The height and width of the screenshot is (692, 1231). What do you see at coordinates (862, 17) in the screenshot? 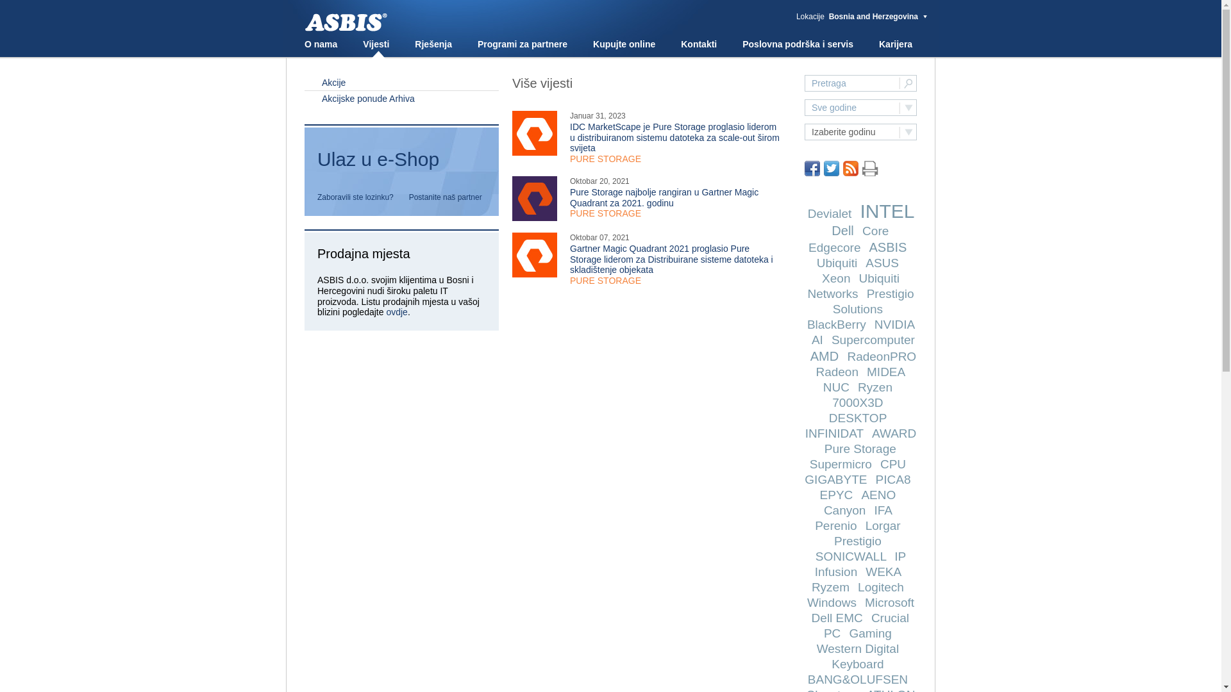
I see `'Lokacije  Bosnia and Herzegovina'` at bounding box center [862, 17].